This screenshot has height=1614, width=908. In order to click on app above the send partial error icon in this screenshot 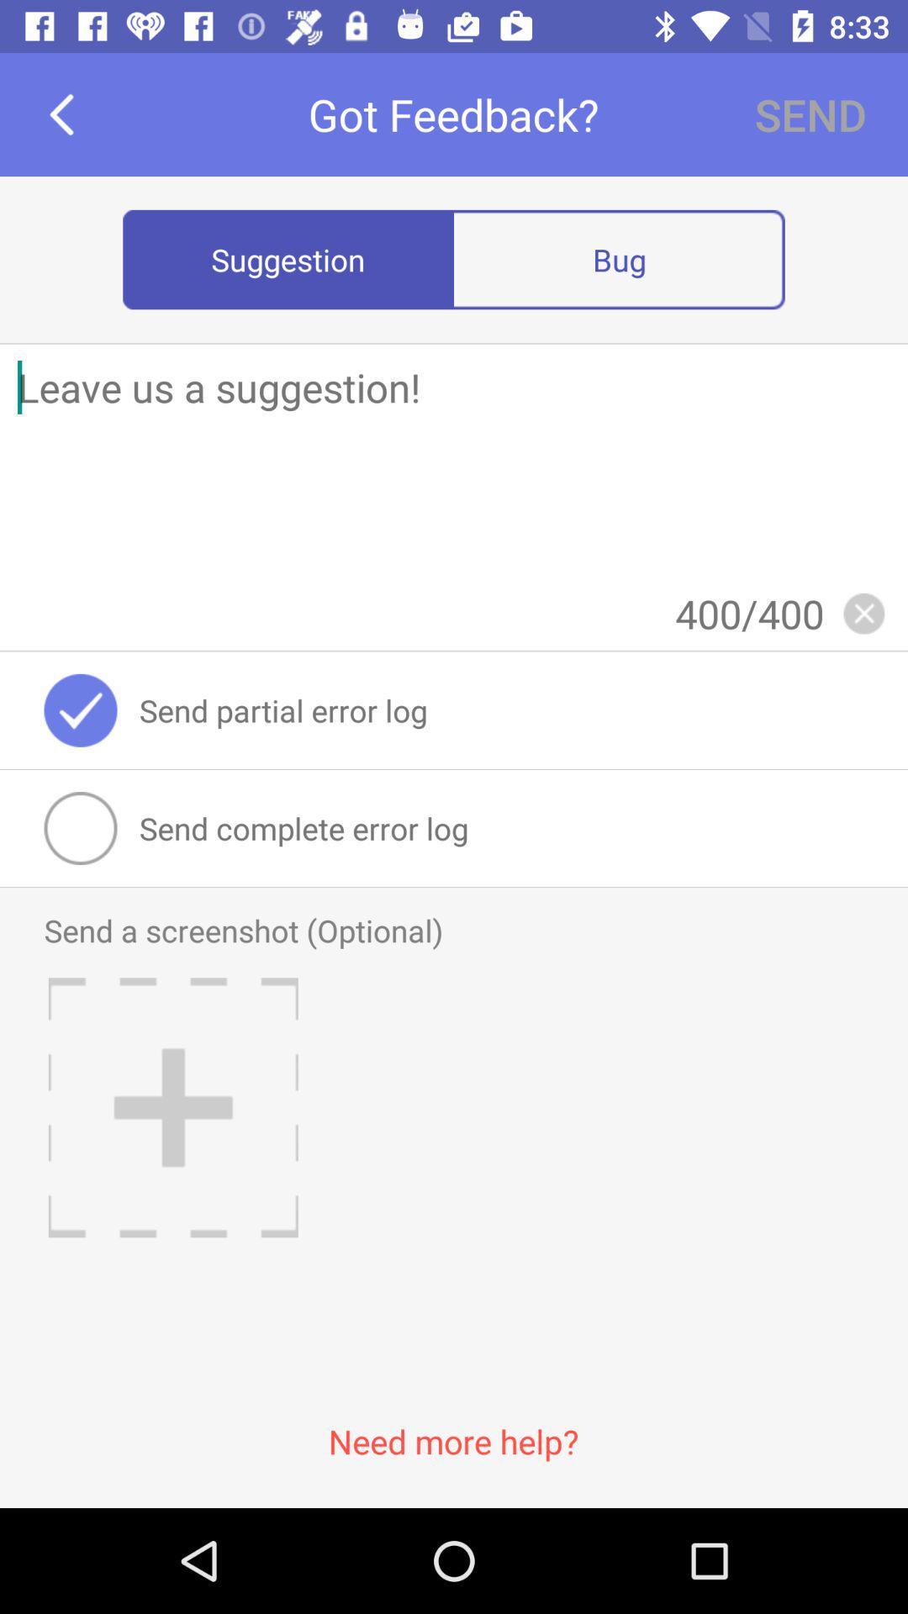, I will do `click(863, 612)`.